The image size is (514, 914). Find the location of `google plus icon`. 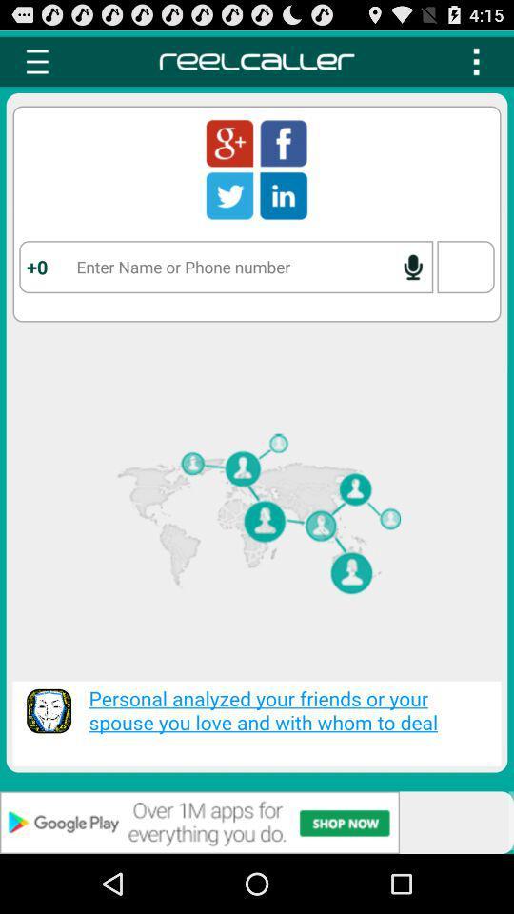

google plus icon is located at coordinates (229, 142).